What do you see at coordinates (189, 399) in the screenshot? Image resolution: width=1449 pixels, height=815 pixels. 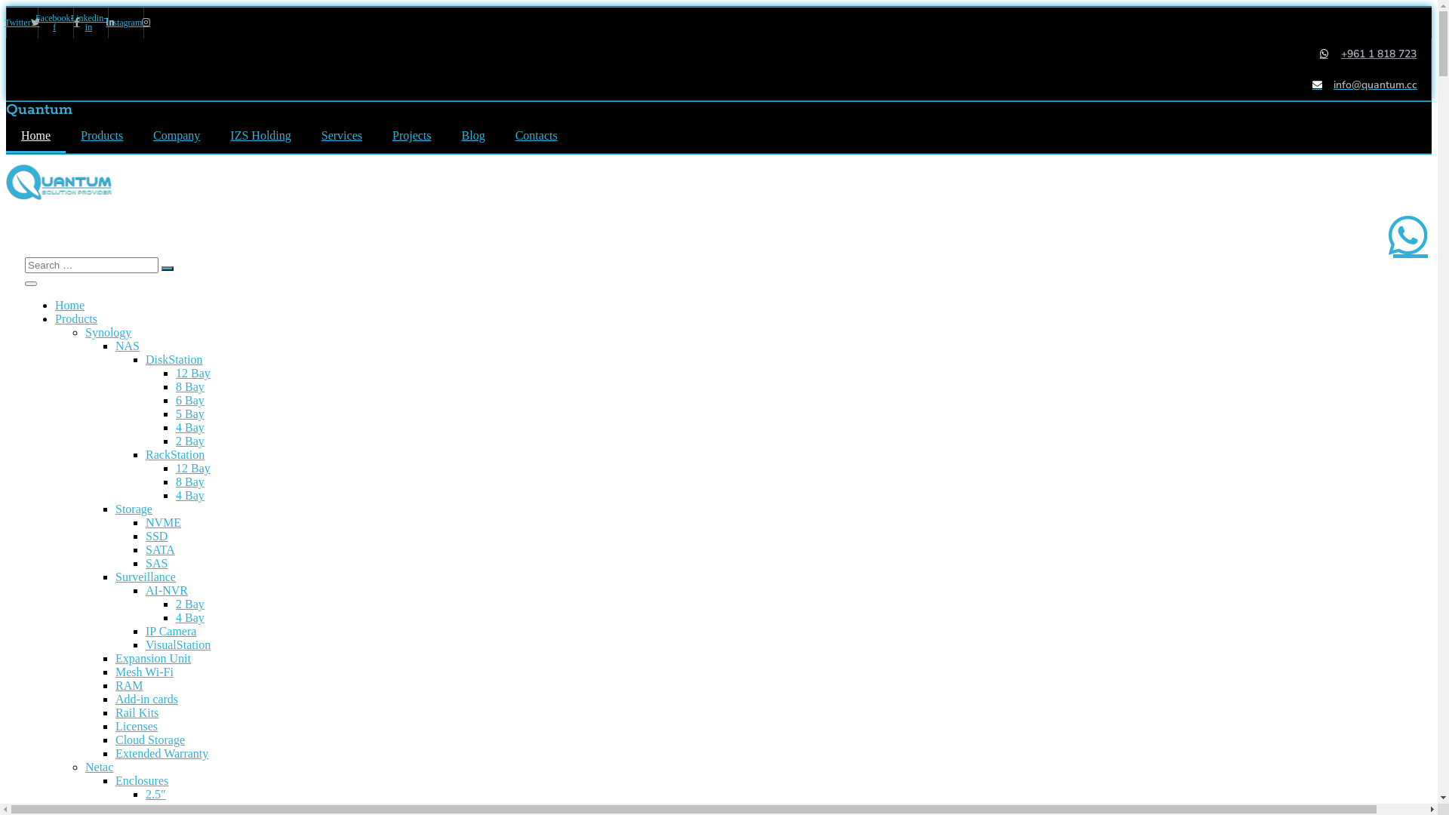 I see `'6 Bay'` at bounding box center [189, 399].